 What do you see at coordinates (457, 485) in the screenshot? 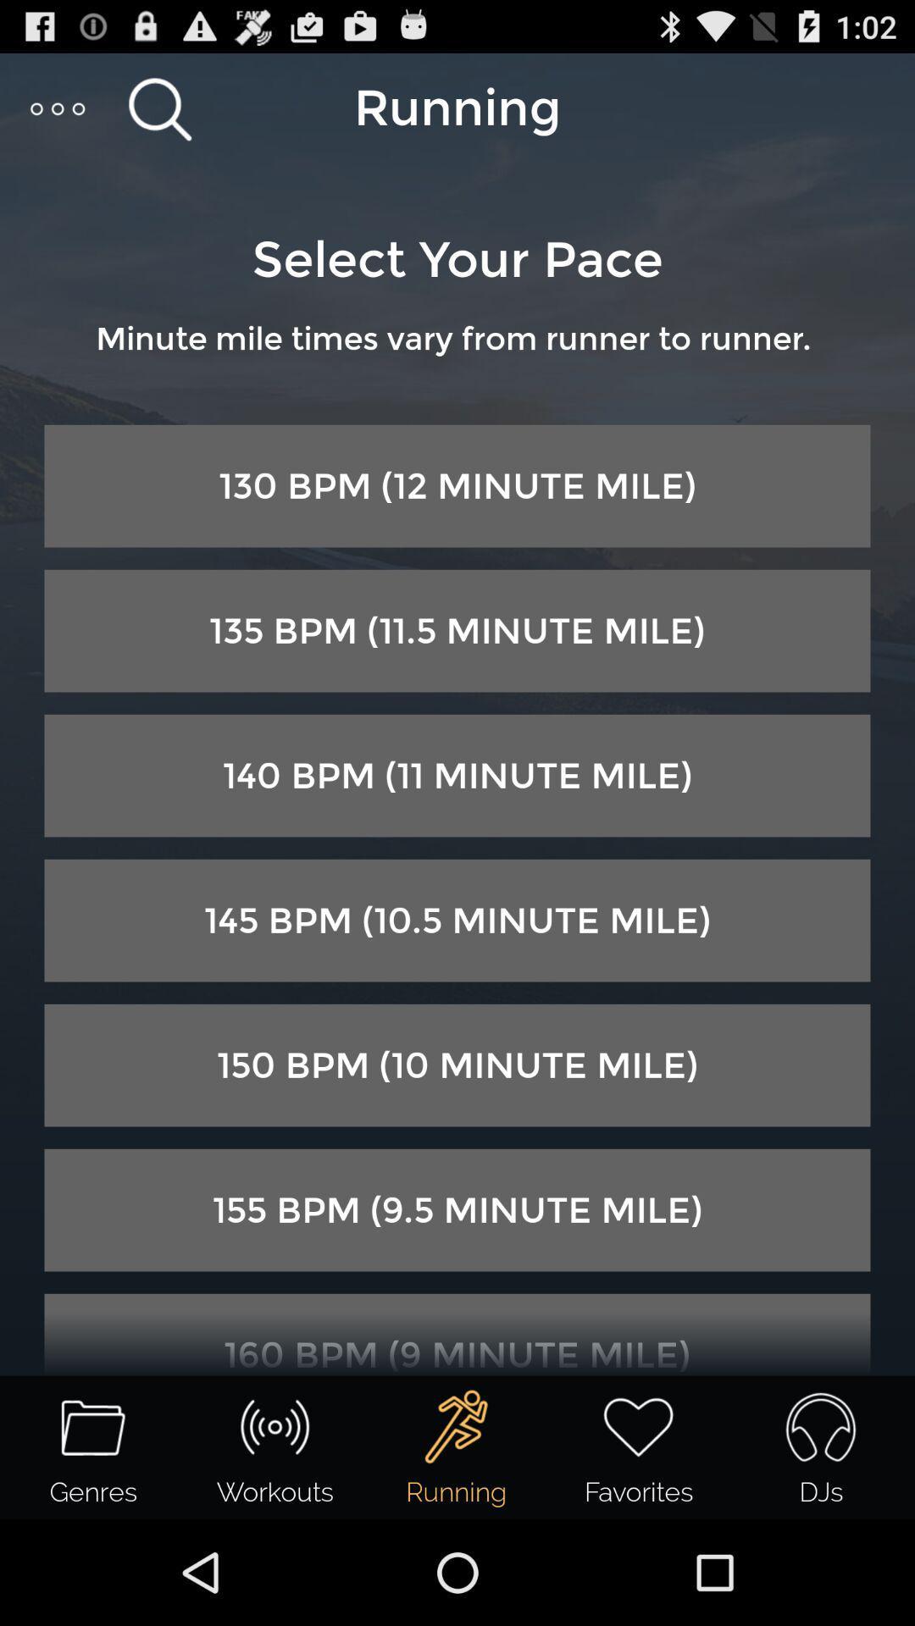
I see `item below the minute mile times item` at bounding box center [457, 485].